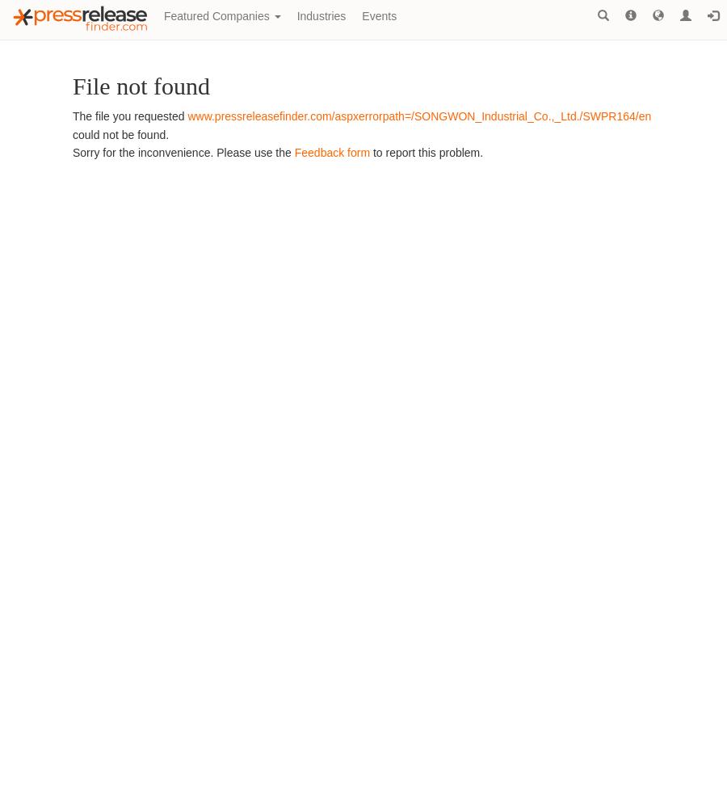  I want to click on 'File not found', so click(141, 85).